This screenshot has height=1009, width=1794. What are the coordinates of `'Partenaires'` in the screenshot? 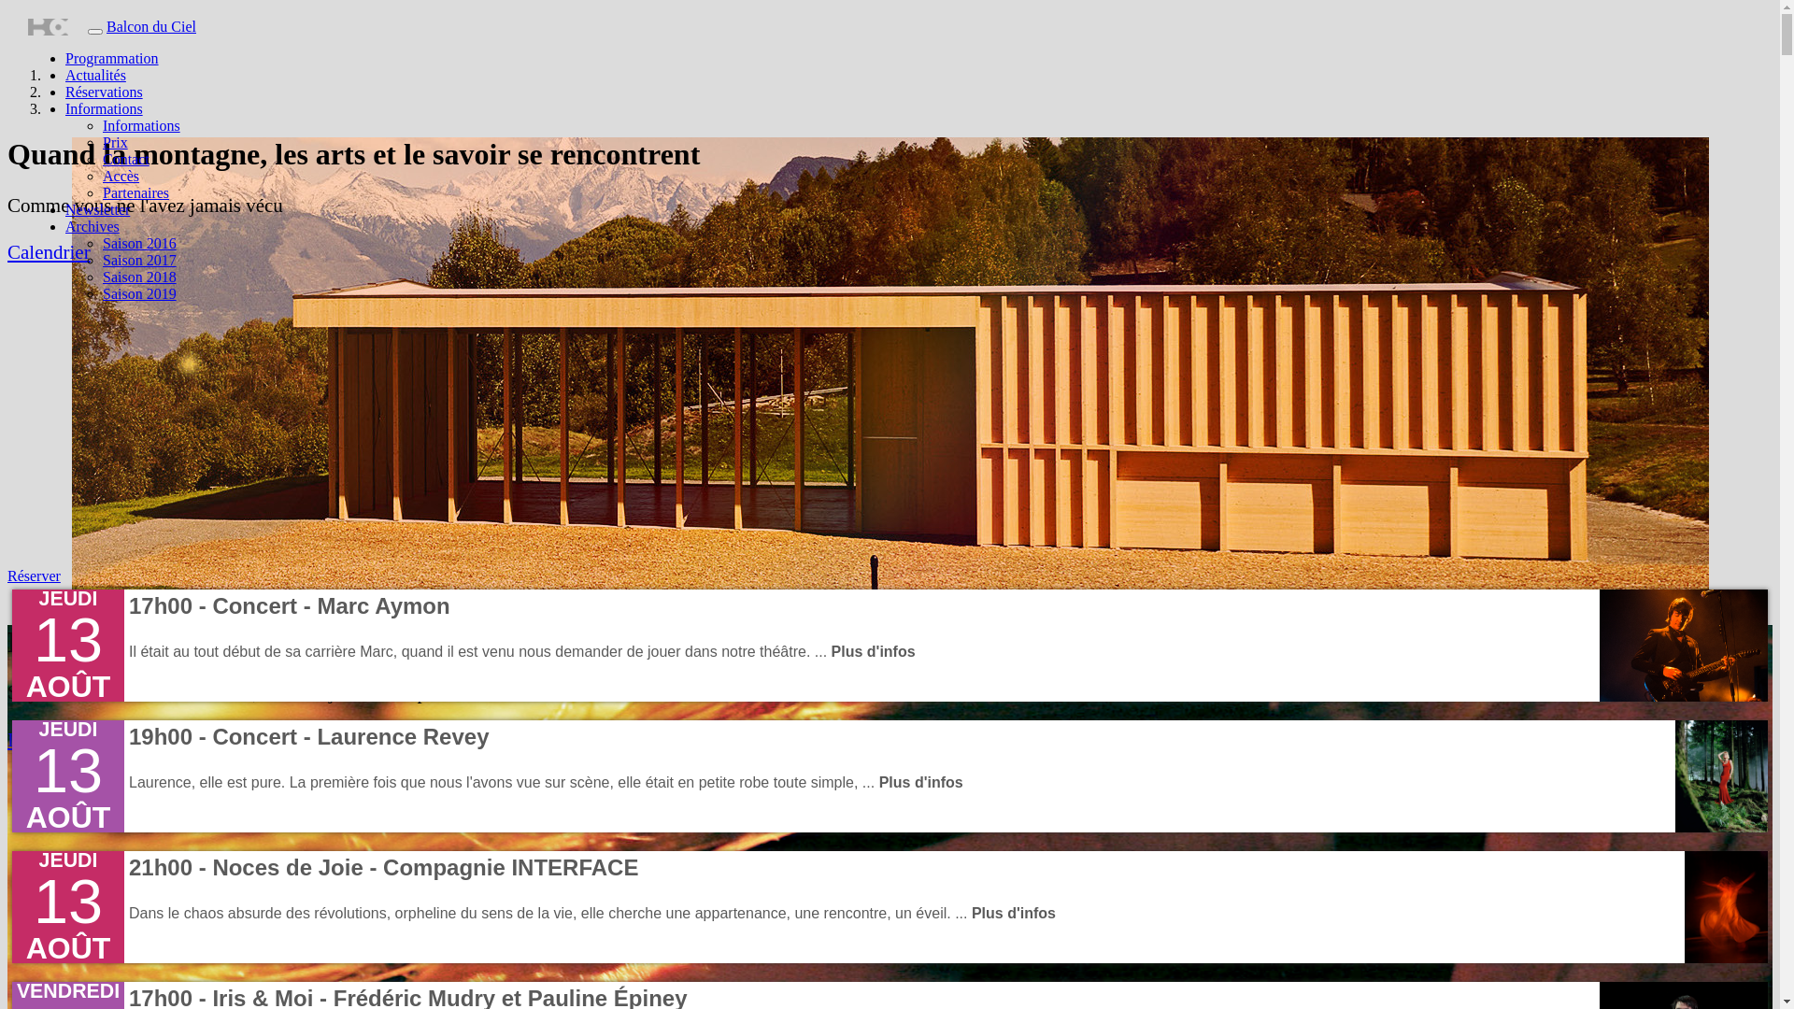 It's located at (135, 192).